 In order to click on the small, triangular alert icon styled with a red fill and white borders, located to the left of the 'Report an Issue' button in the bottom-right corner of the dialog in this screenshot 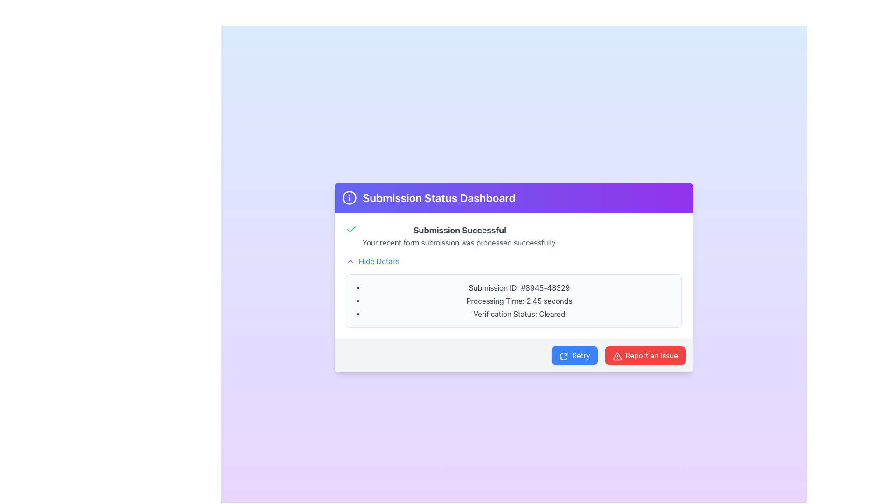, I will do `click(617, 356)`.